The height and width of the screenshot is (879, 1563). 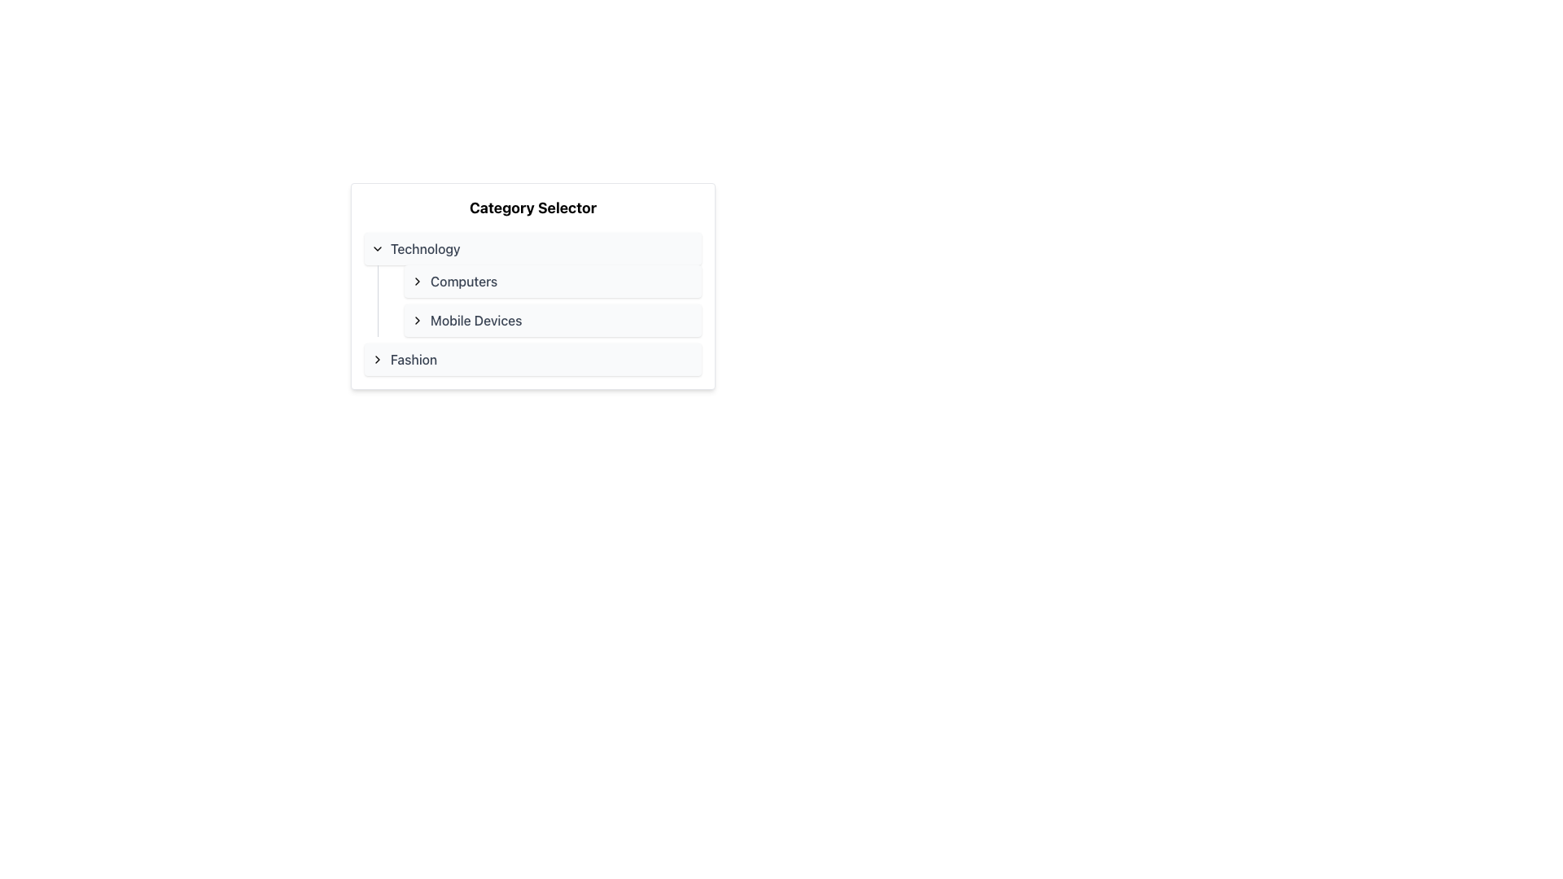 What do you see at coordinates (418, 320) in the screenshot?
I see `the chevron icon on the leftmost part of the 'Mobile Devices' option row in the 'Category Selector' menu` at bounding box center [418, 320].